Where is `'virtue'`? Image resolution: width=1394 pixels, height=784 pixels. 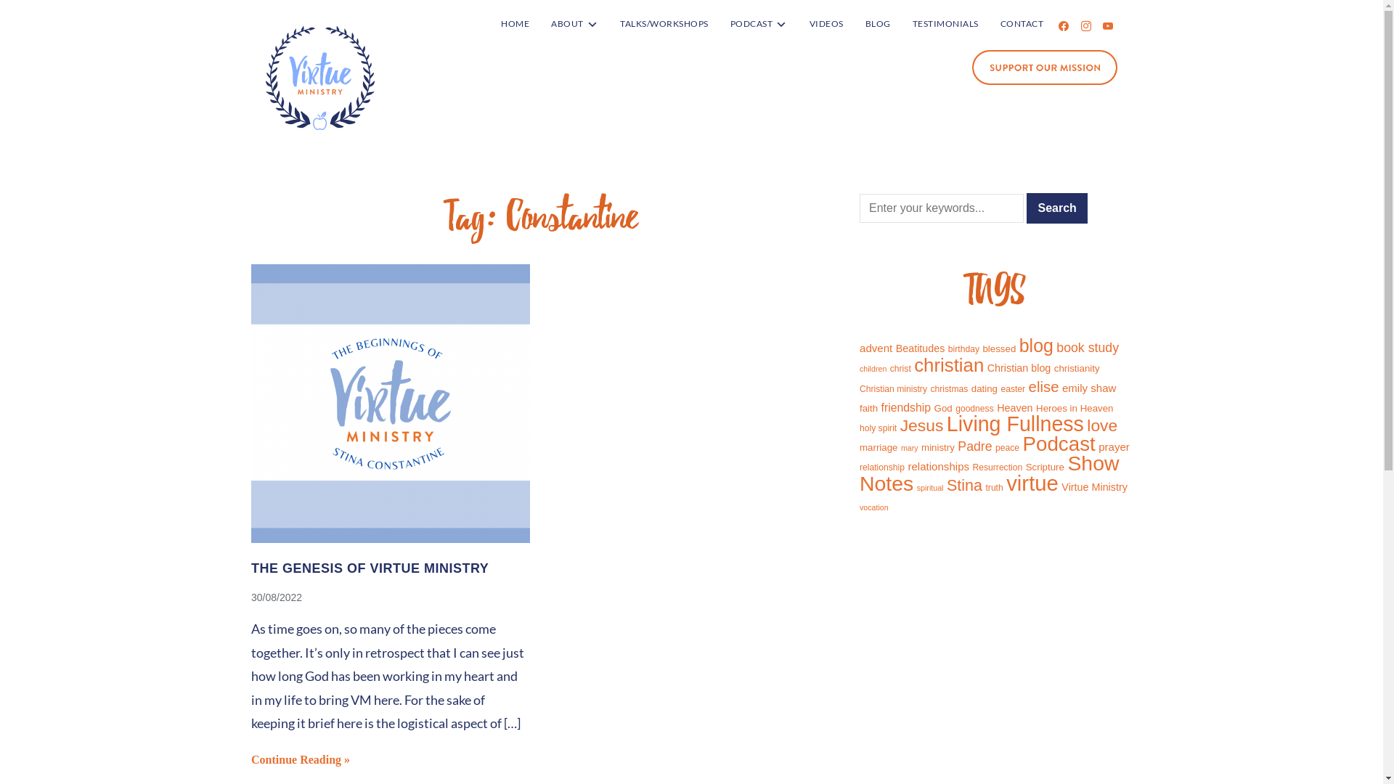 'virtue' is located at coordinates (1031, 483).